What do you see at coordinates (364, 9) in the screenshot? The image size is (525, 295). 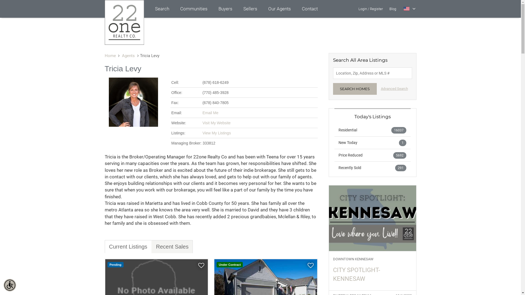 I see `'Login/'` at bounding box center [364, 9].